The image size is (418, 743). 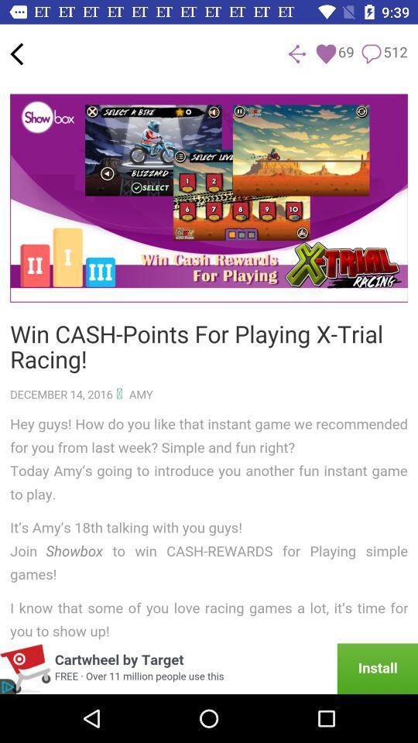 What do you see at coordinates (209, 668) in the screenshot?
I see `open advertisement` at bounding box center [209, 668].